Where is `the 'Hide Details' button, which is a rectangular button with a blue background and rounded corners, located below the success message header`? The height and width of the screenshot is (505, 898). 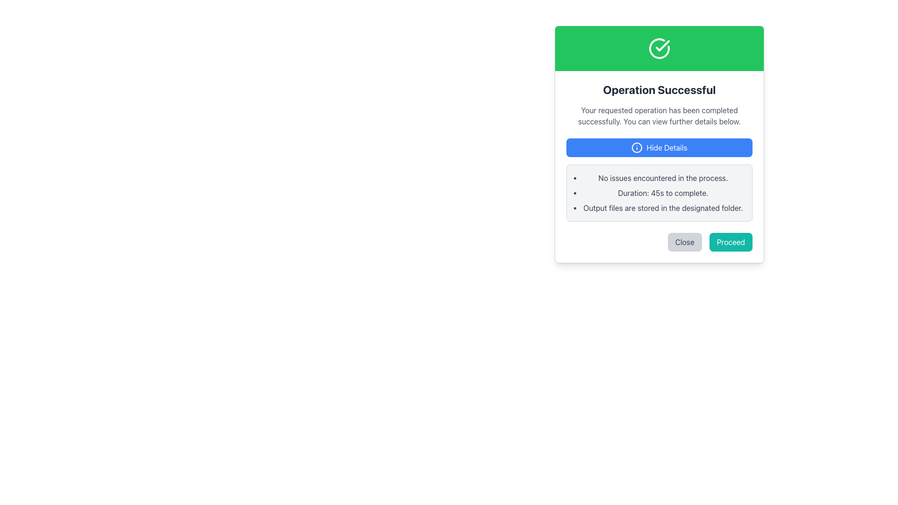 the 'Hide Details' button, which is a rectangular button with a blue background and rounded corners, located below the success message header is located at coordinates (659, 144).